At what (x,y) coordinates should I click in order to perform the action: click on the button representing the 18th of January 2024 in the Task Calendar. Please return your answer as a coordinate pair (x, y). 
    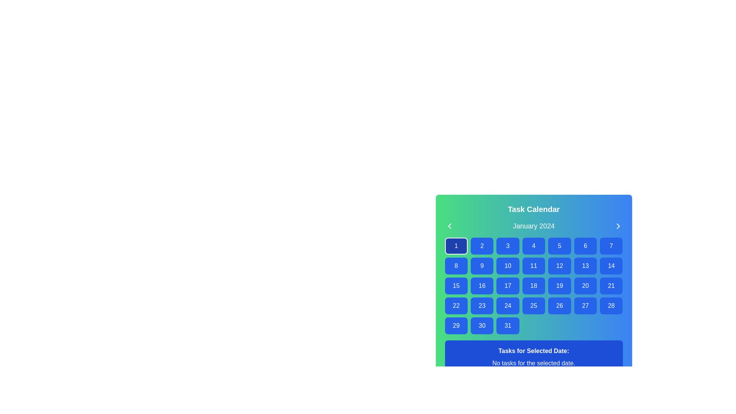
    Looking at the image, I should click on (533, 286).